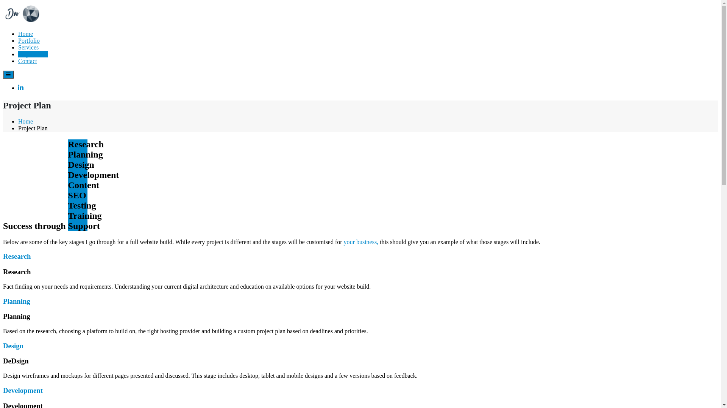  Describe the element at coordinates (32, 54) in the screenshot. I see `'Project Plan'` at that location.